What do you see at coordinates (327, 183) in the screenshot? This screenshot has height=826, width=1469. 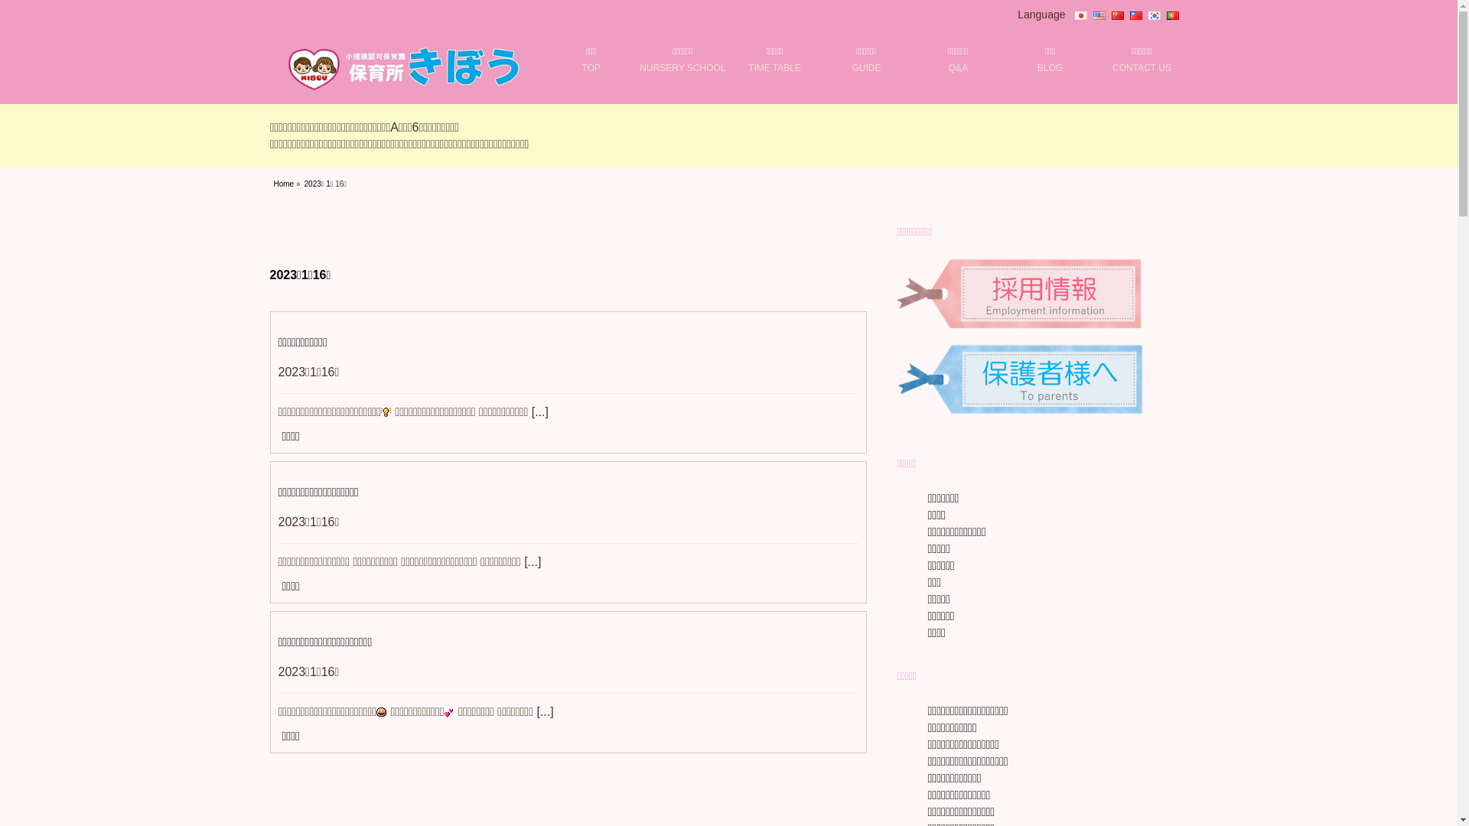 I see `'1'` at bounding box center [327, 183].